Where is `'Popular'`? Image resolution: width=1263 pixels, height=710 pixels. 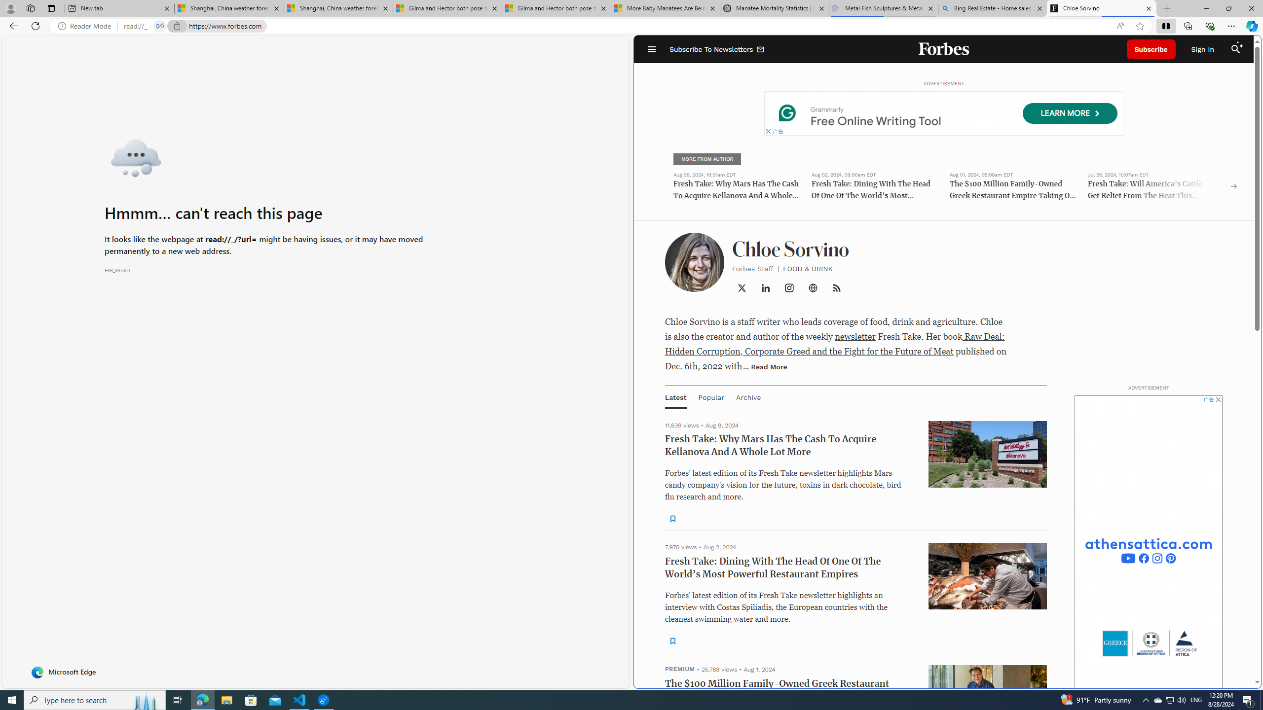 'Popular' is located at coordinates (710, 396).